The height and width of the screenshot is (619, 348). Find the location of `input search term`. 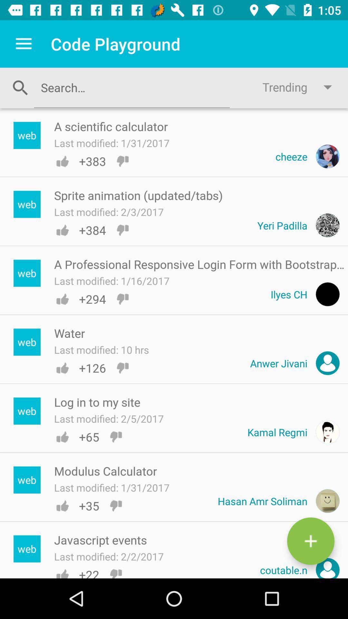

input search term is located at coordinates (131, 87).